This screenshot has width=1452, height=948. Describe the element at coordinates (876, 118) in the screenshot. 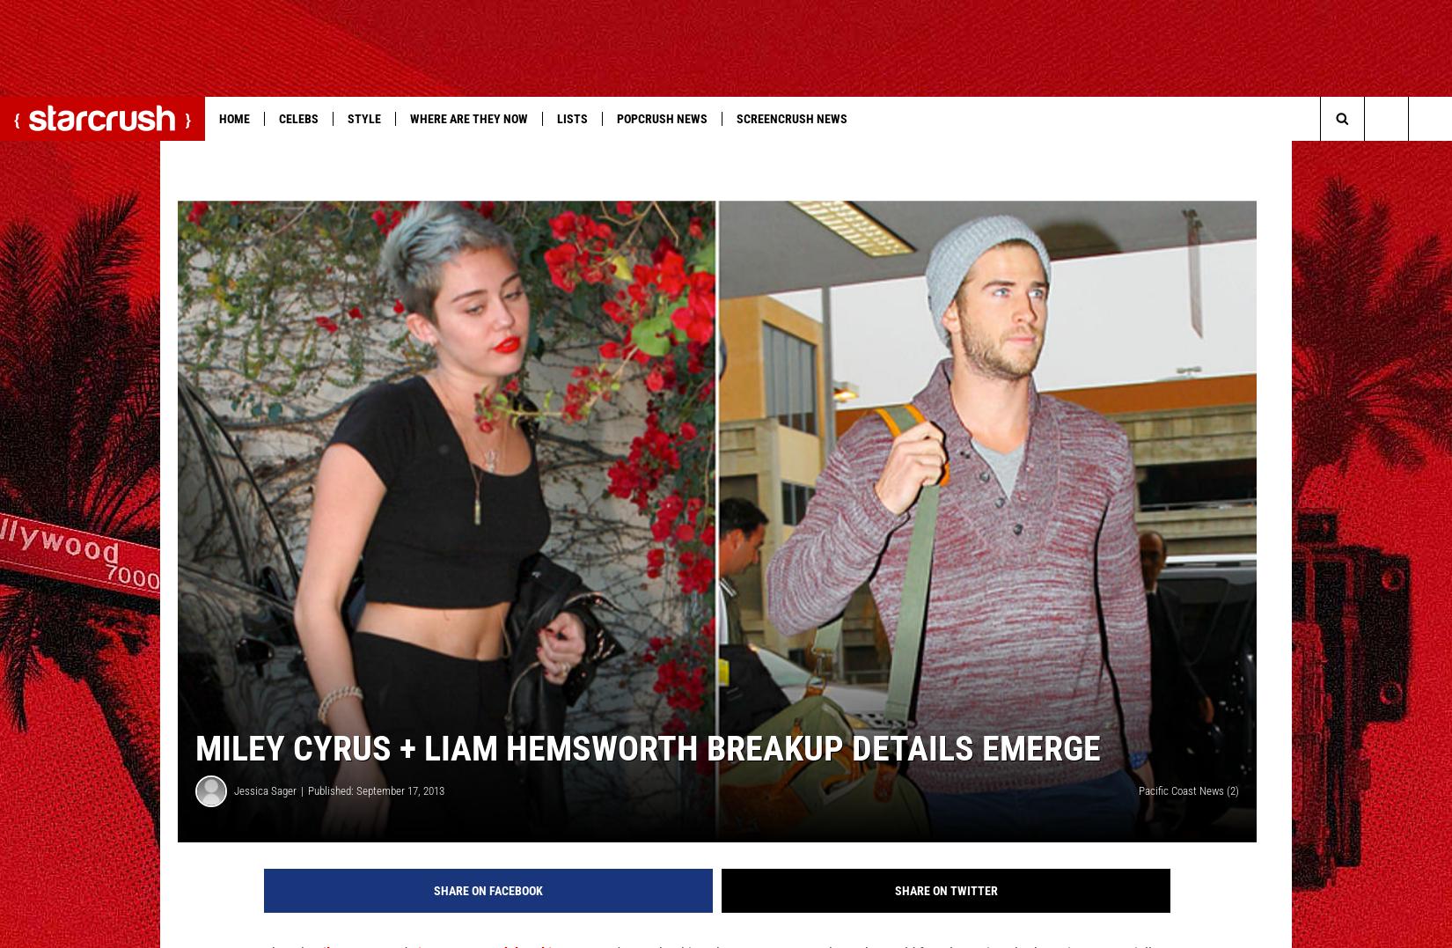

I see `'More'` at that location.